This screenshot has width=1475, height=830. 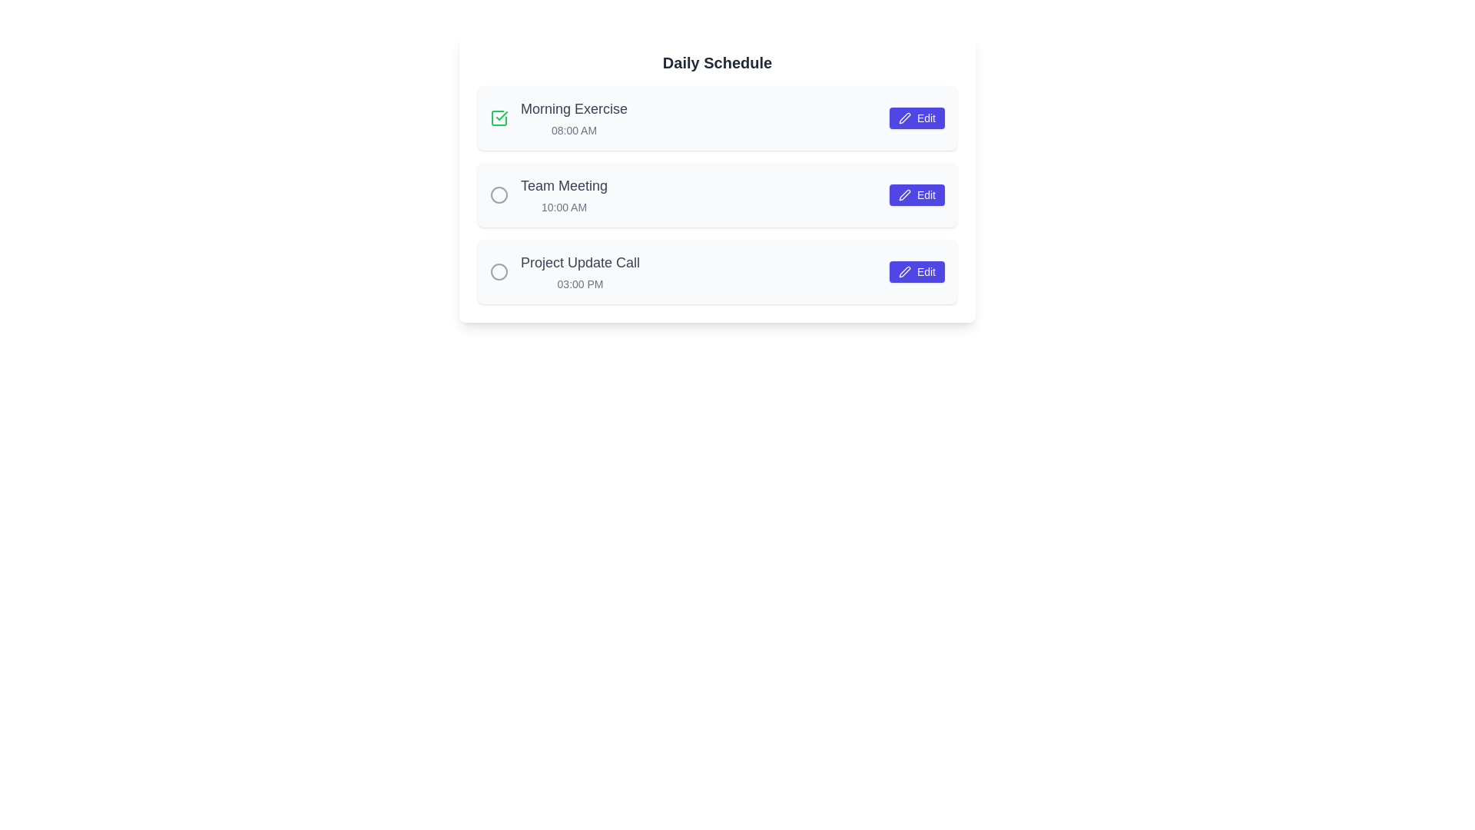 I want to click on the pen icon within the purple 'Edit' button located in the first row of the list under 'Morning Exercise' in the 'Daily Schedule' section, so click(x=904, y=118).